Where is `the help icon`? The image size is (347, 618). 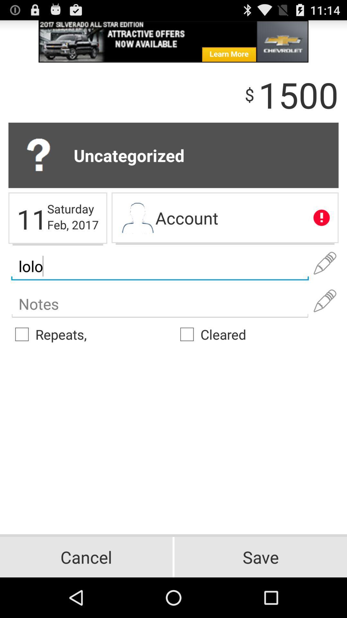
the help icon is located at coordinates (41, 166).